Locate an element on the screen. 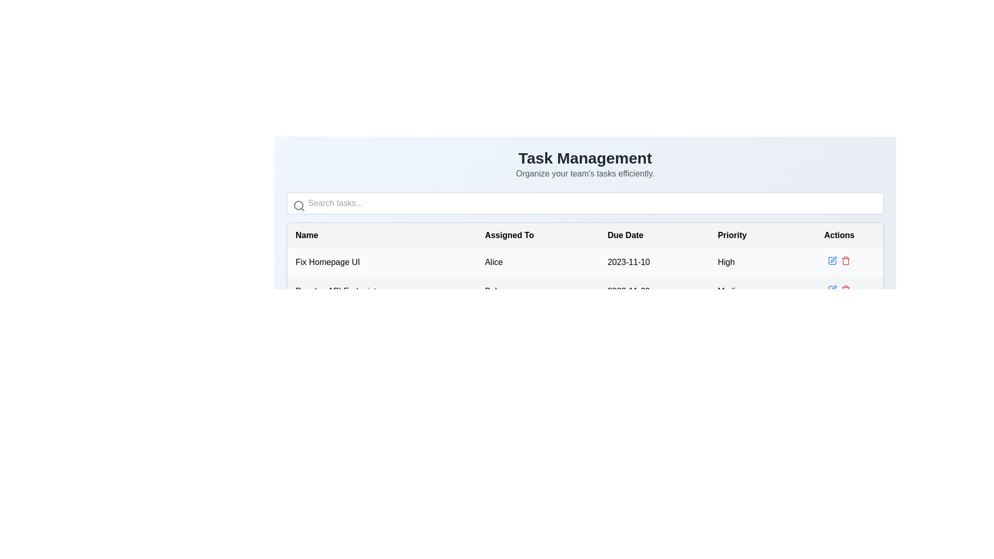 This screenshot has height=559, width=994. the 'Edit' icon located in the 'Actions' column of the task table to initiate the edit function for the associated task is located at coordinates (834, 288).